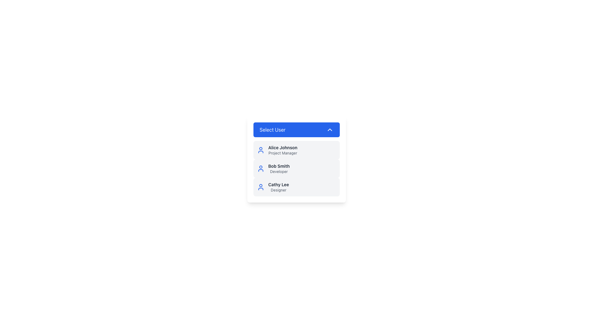 The width and height of the screenshot is (592, 333). I want to click on the first selectable user entry in the dropdown menu below the 'Select User' heading, so click(296, 150).